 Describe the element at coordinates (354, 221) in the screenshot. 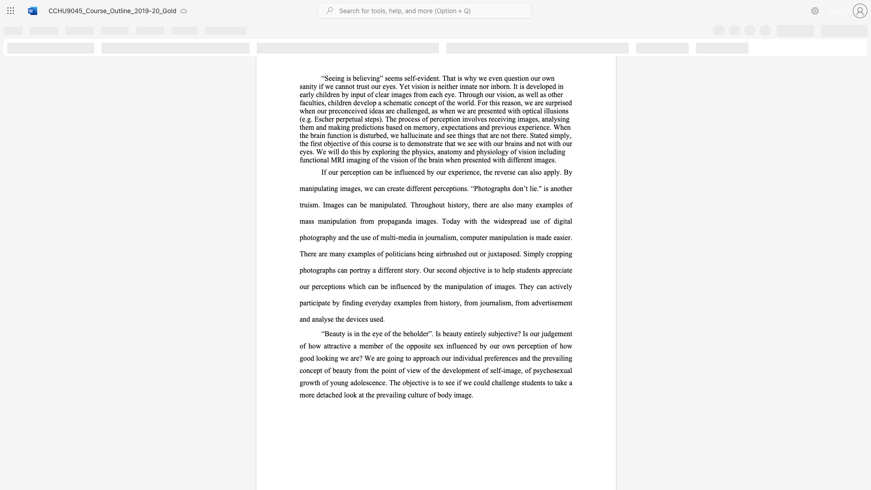

I see `the 18th character "n" in the text` at that location.